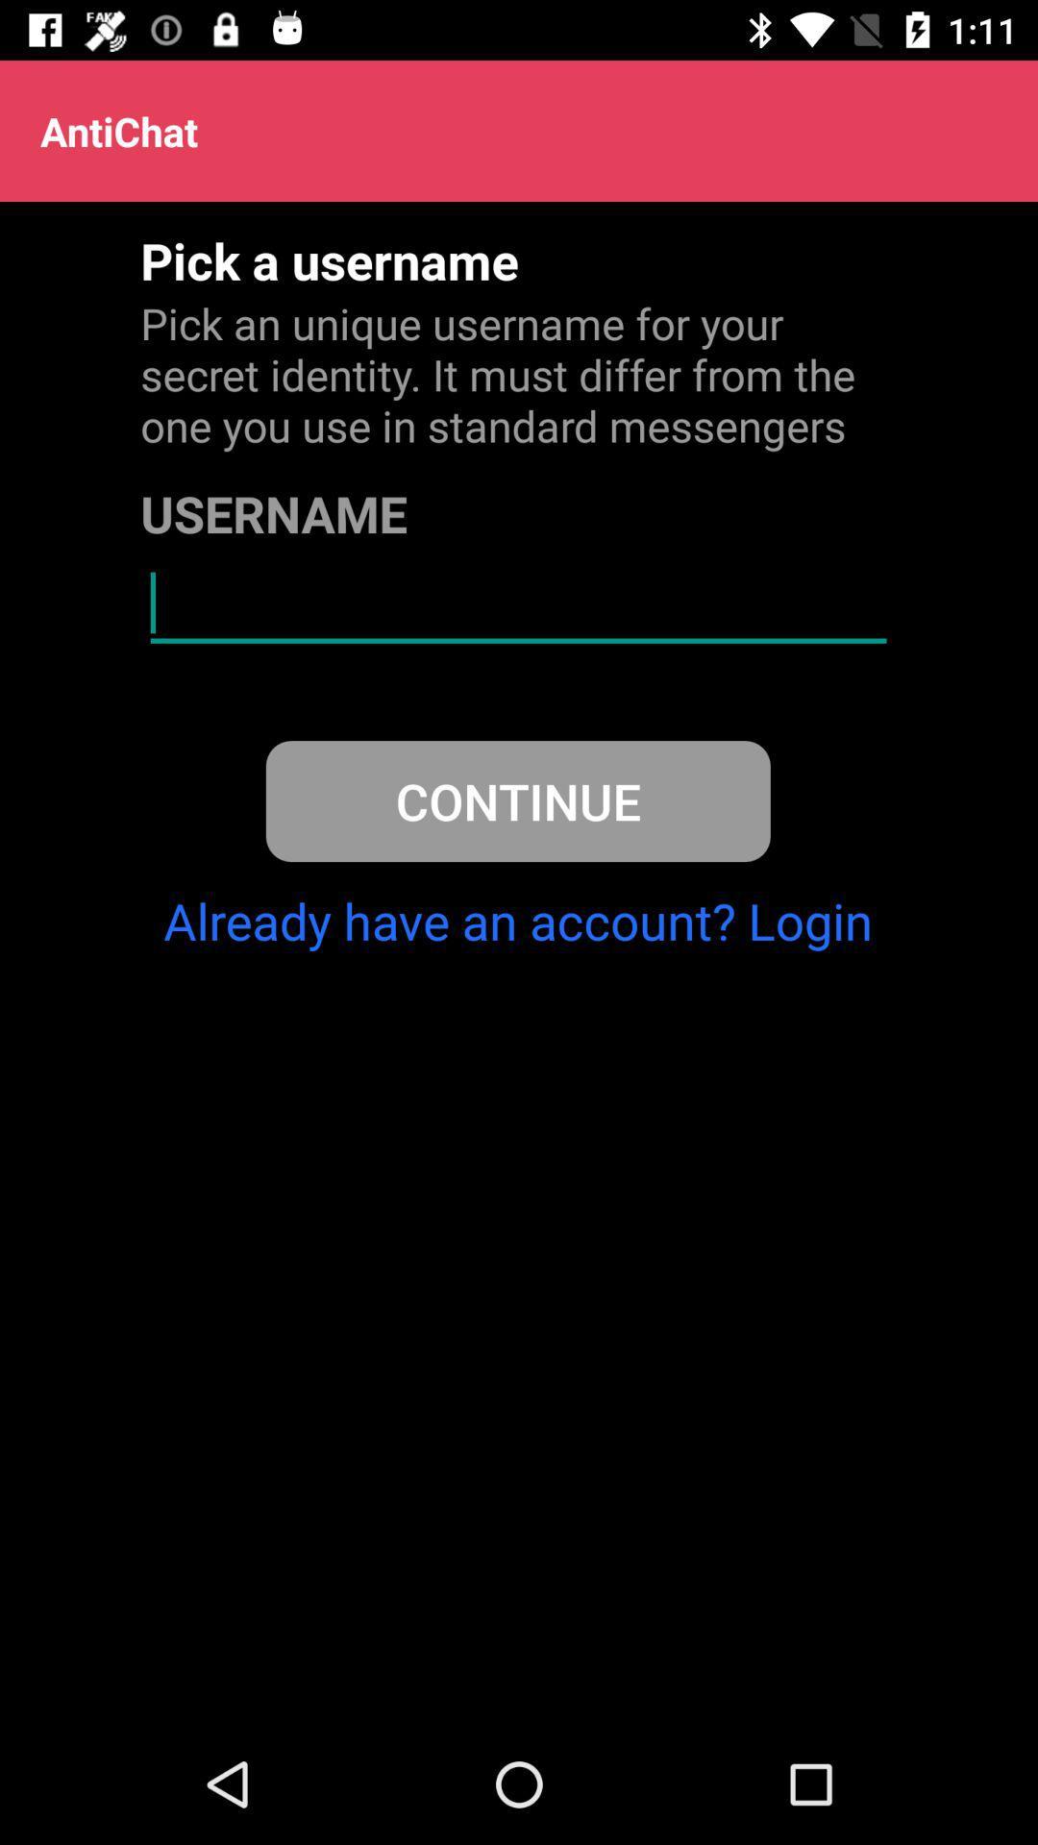 The height and width of the screenshot is (1845, 1038). Describe the element at coordinates (517, 603) in the screenshot. I see `username` at that location.